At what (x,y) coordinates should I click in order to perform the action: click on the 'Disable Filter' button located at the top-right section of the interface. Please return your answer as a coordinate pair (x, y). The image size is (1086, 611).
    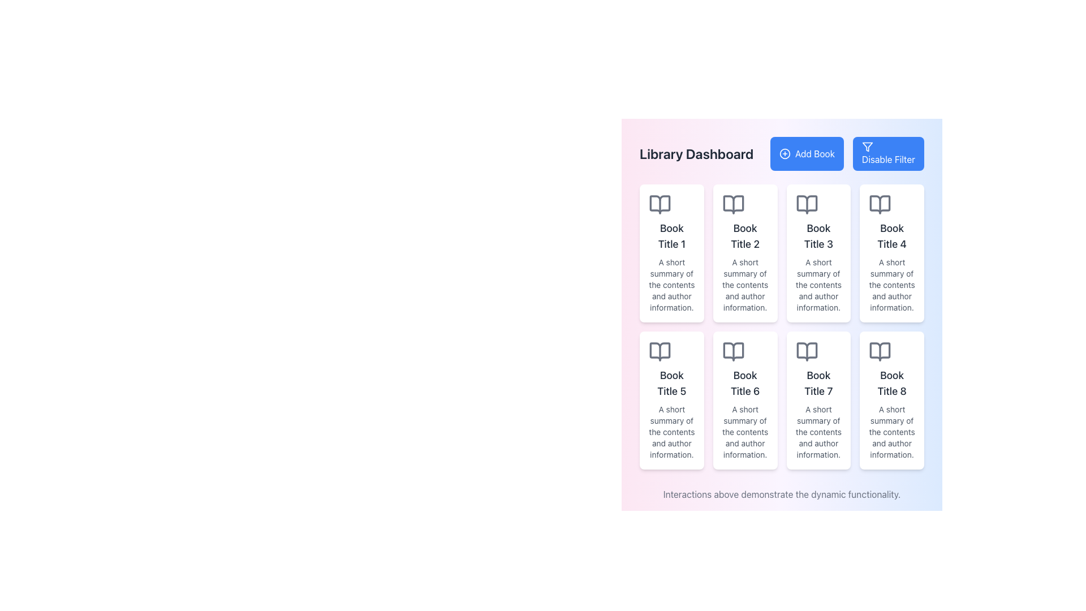
    Looking at the image, I should click on (867, 146).